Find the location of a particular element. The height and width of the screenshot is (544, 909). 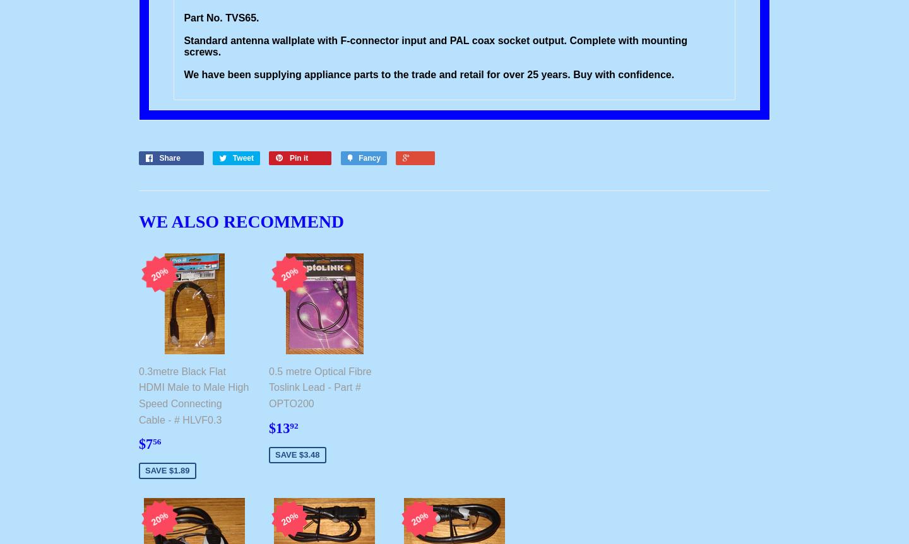

'We Also Recommend' is located at coordinates (241, 221).